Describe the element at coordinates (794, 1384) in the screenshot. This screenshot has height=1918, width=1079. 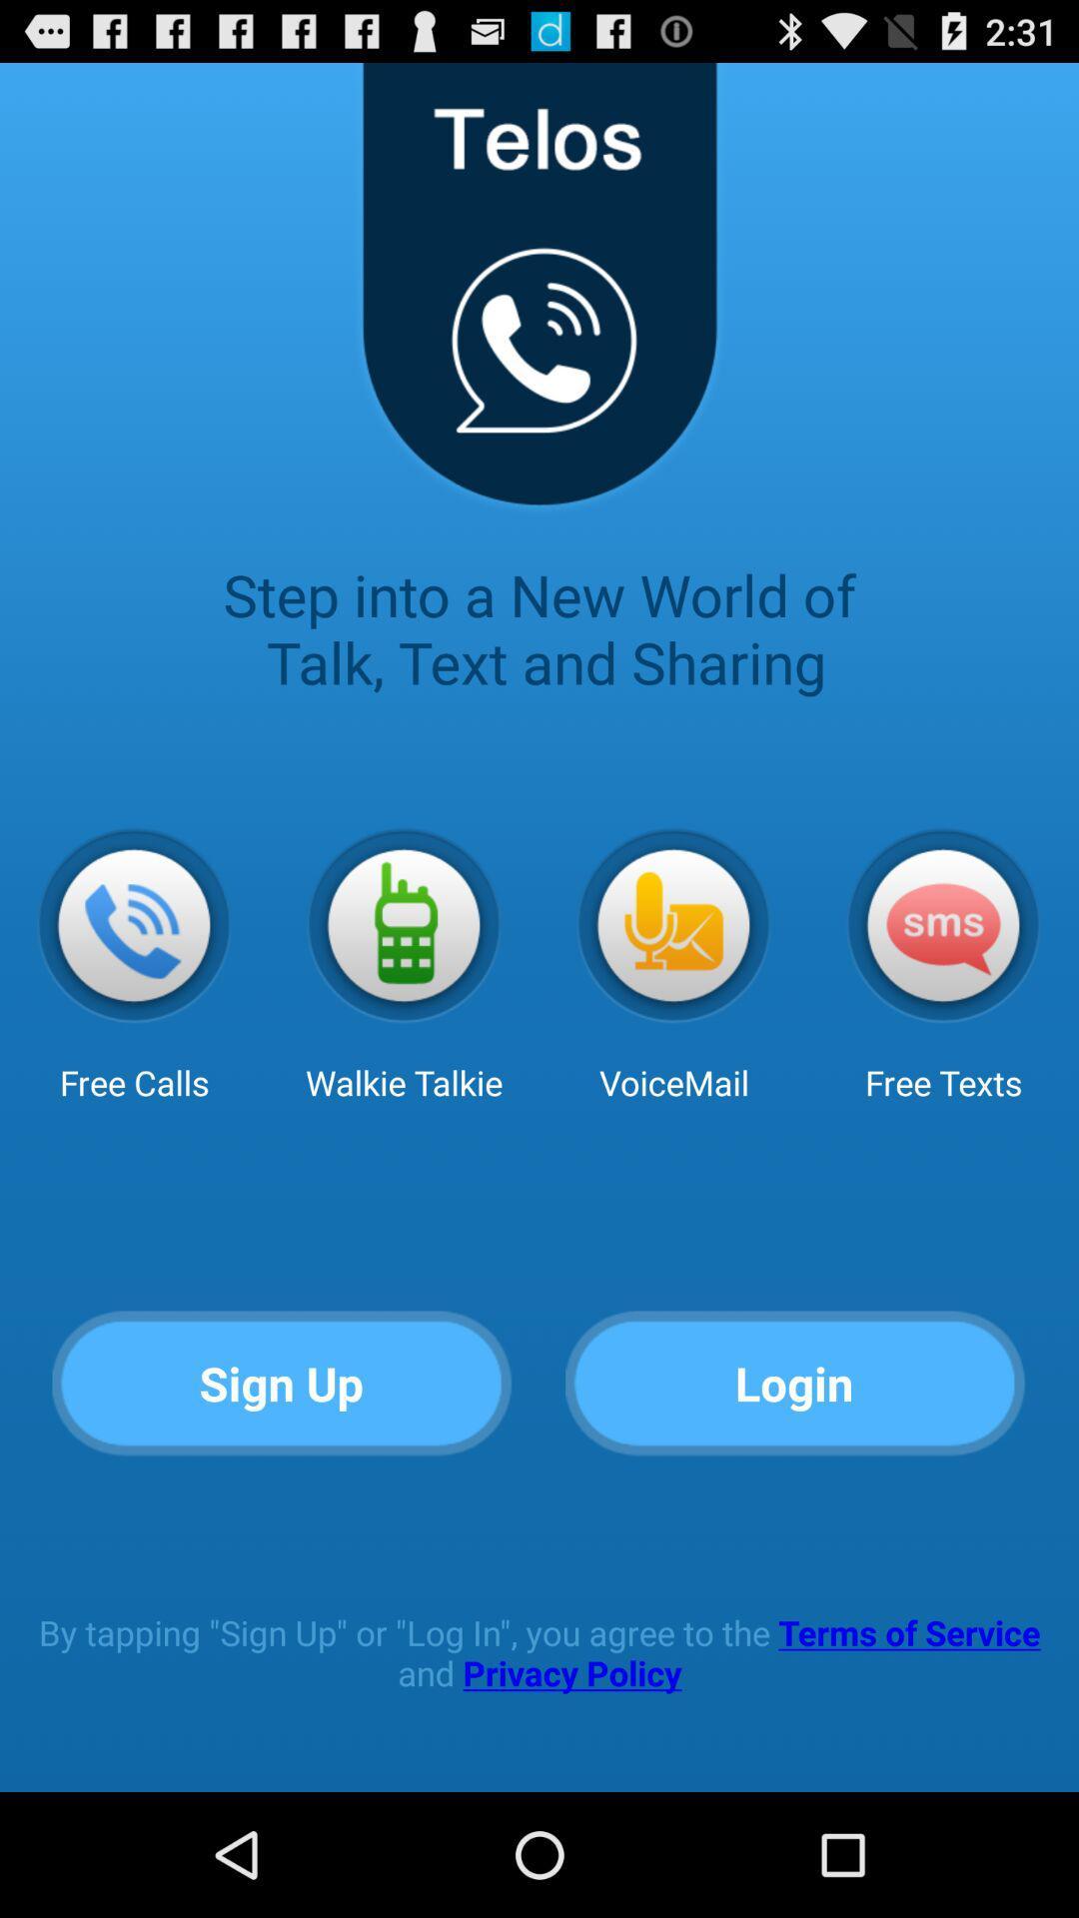
I see `item next to sign up item` at that location.